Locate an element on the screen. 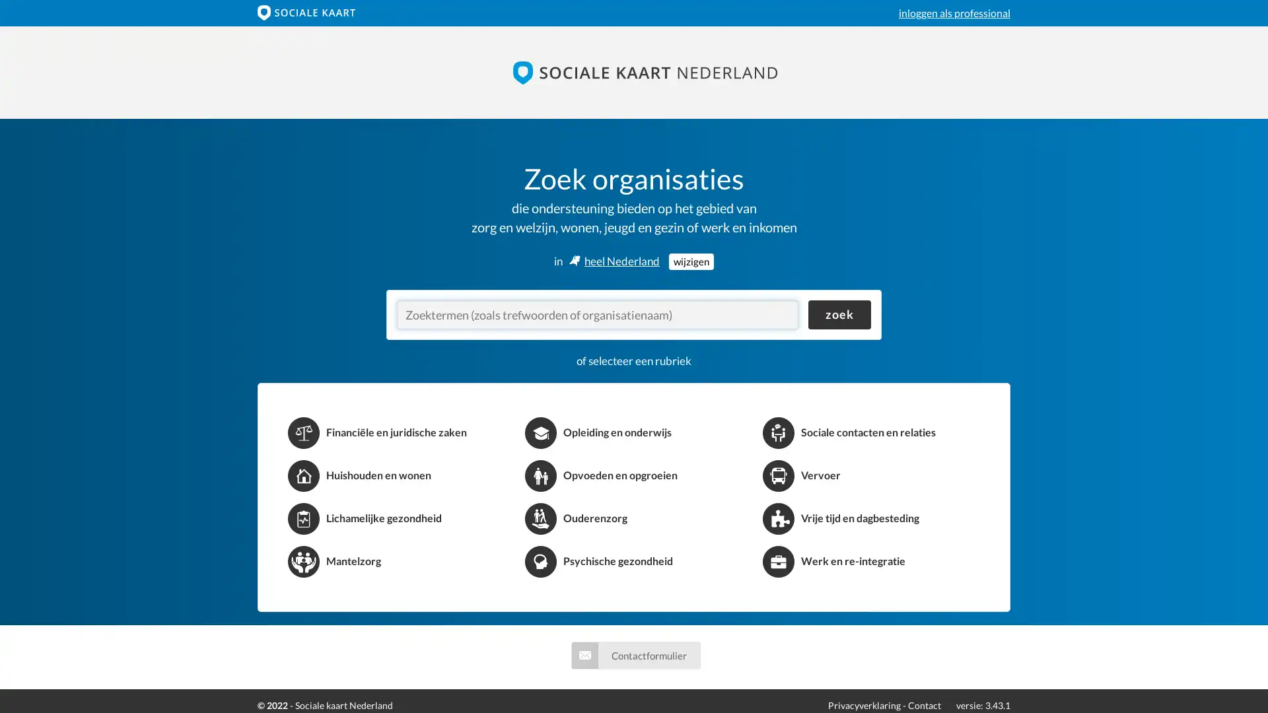  Contactformulier is located at coordinates (635, 654).